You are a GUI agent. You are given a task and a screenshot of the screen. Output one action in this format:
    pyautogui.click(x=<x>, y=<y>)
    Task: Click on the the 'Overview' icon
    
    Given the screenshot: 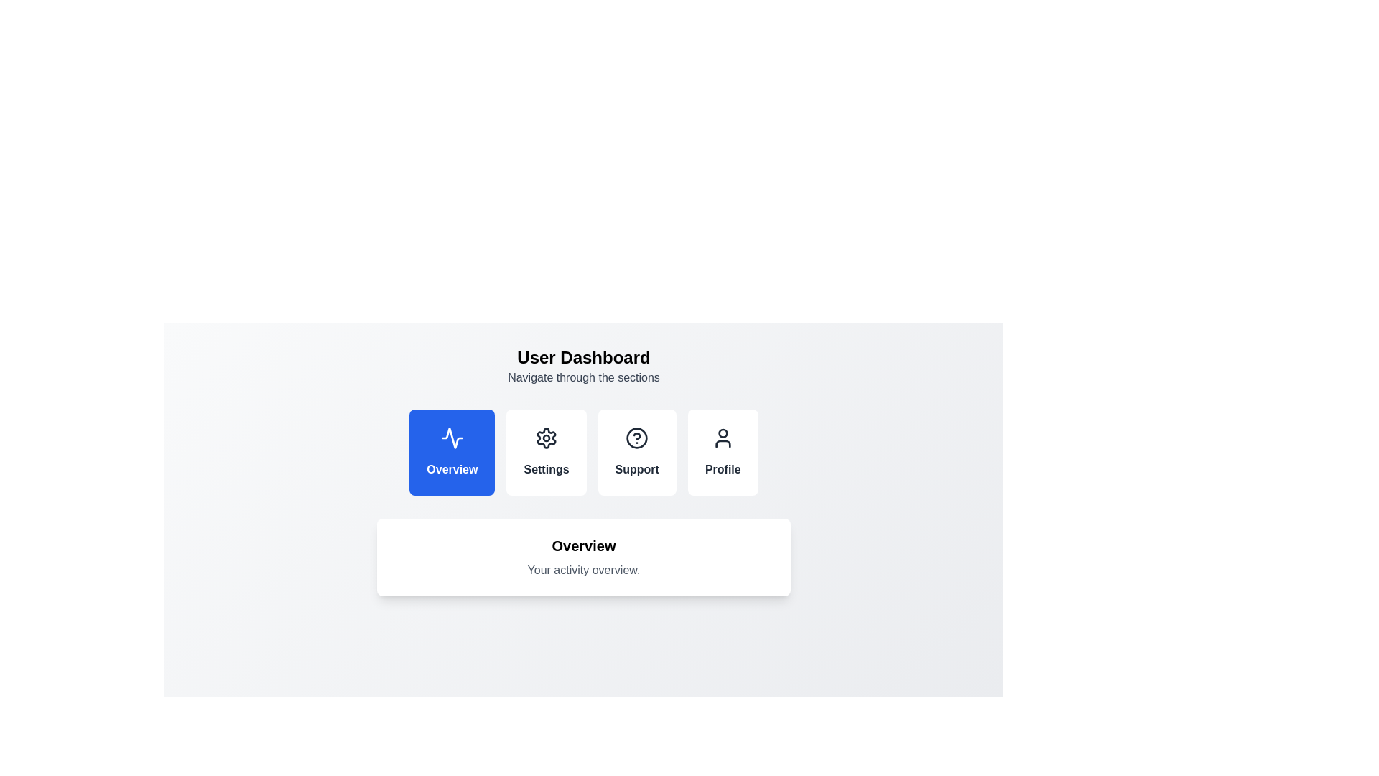 What is the action you would take?
    pyautogui.click(x=451, y=437)
    